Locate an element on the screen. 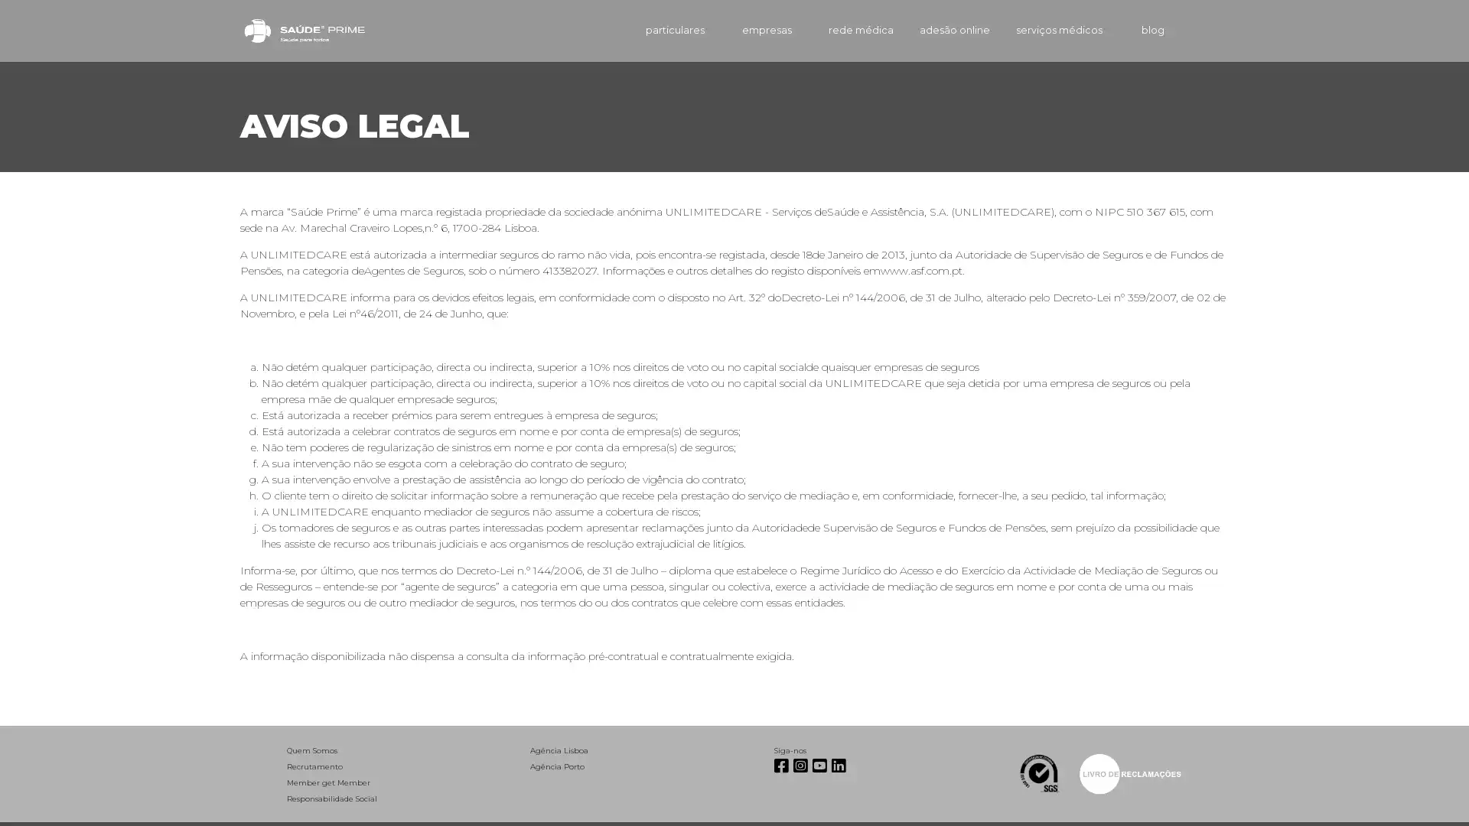 The width and height of the screenshot is (1469, 826). adesao online is located at coordinates (935, 30).